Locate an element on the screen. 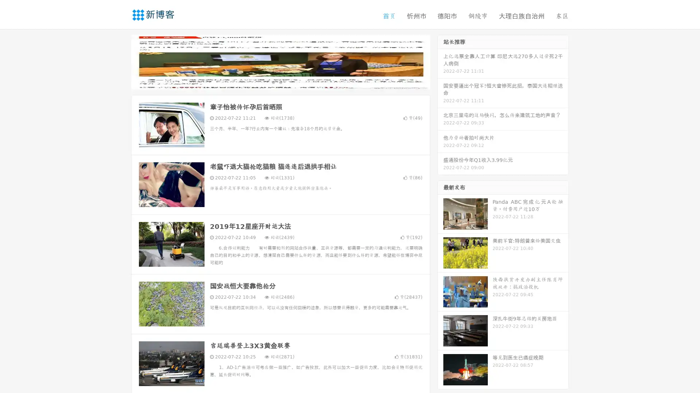 The image size is (700, 393). Go to slide 2 is located at coordinates (280, 82).